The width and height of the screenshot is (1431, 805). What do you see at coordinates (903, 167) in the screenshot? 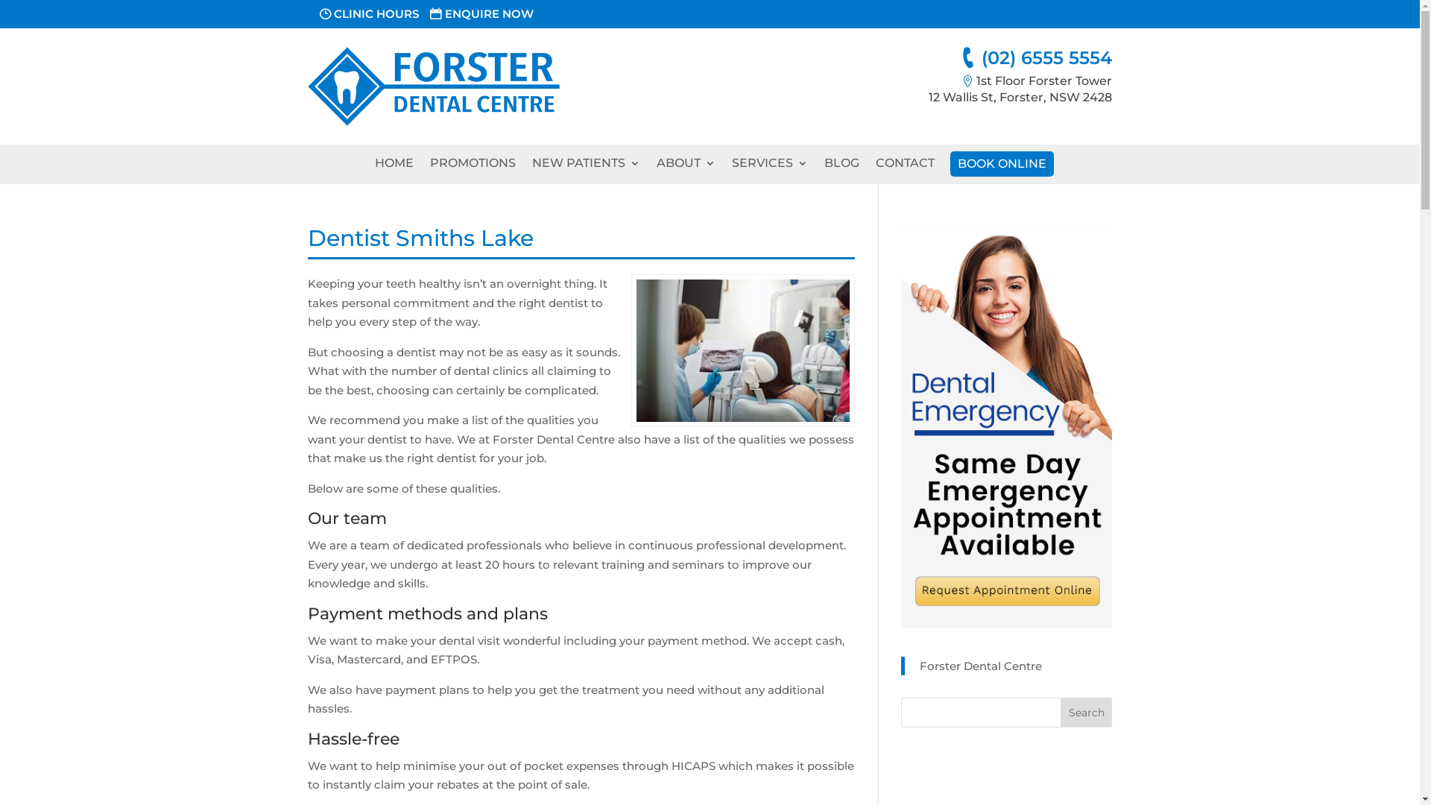
I see `'CONTACT'` at bounding box center [903, 167].